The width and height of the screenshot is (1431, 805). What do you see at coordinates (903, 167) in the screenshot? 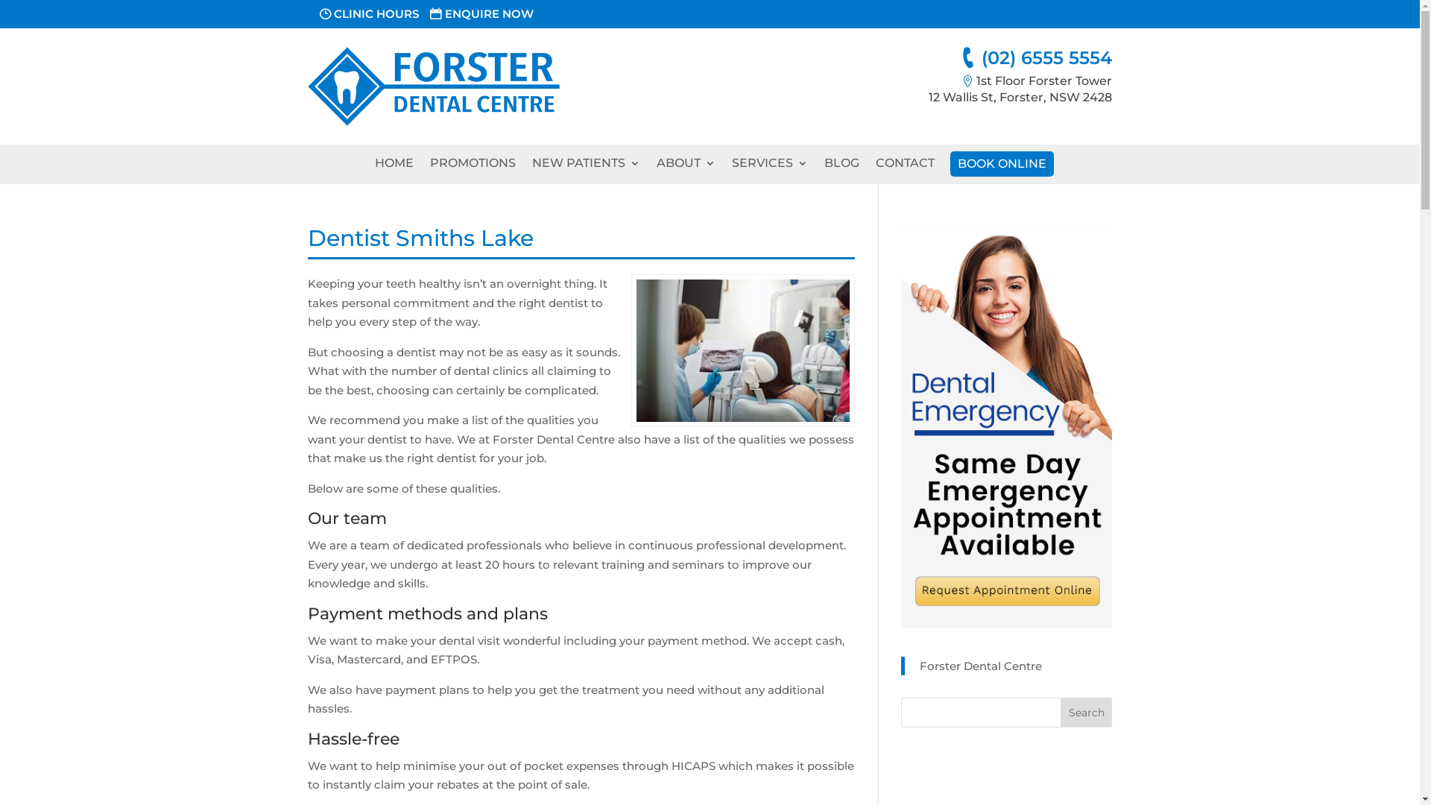
I see `'CONTACT'` at bounding box center [903, 167].